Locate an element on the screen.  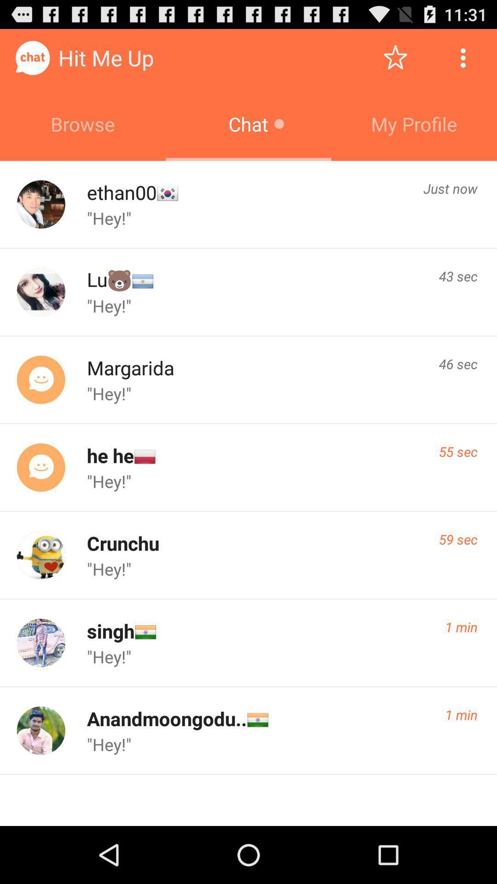
margarida app is located at coordinates (130, 367).